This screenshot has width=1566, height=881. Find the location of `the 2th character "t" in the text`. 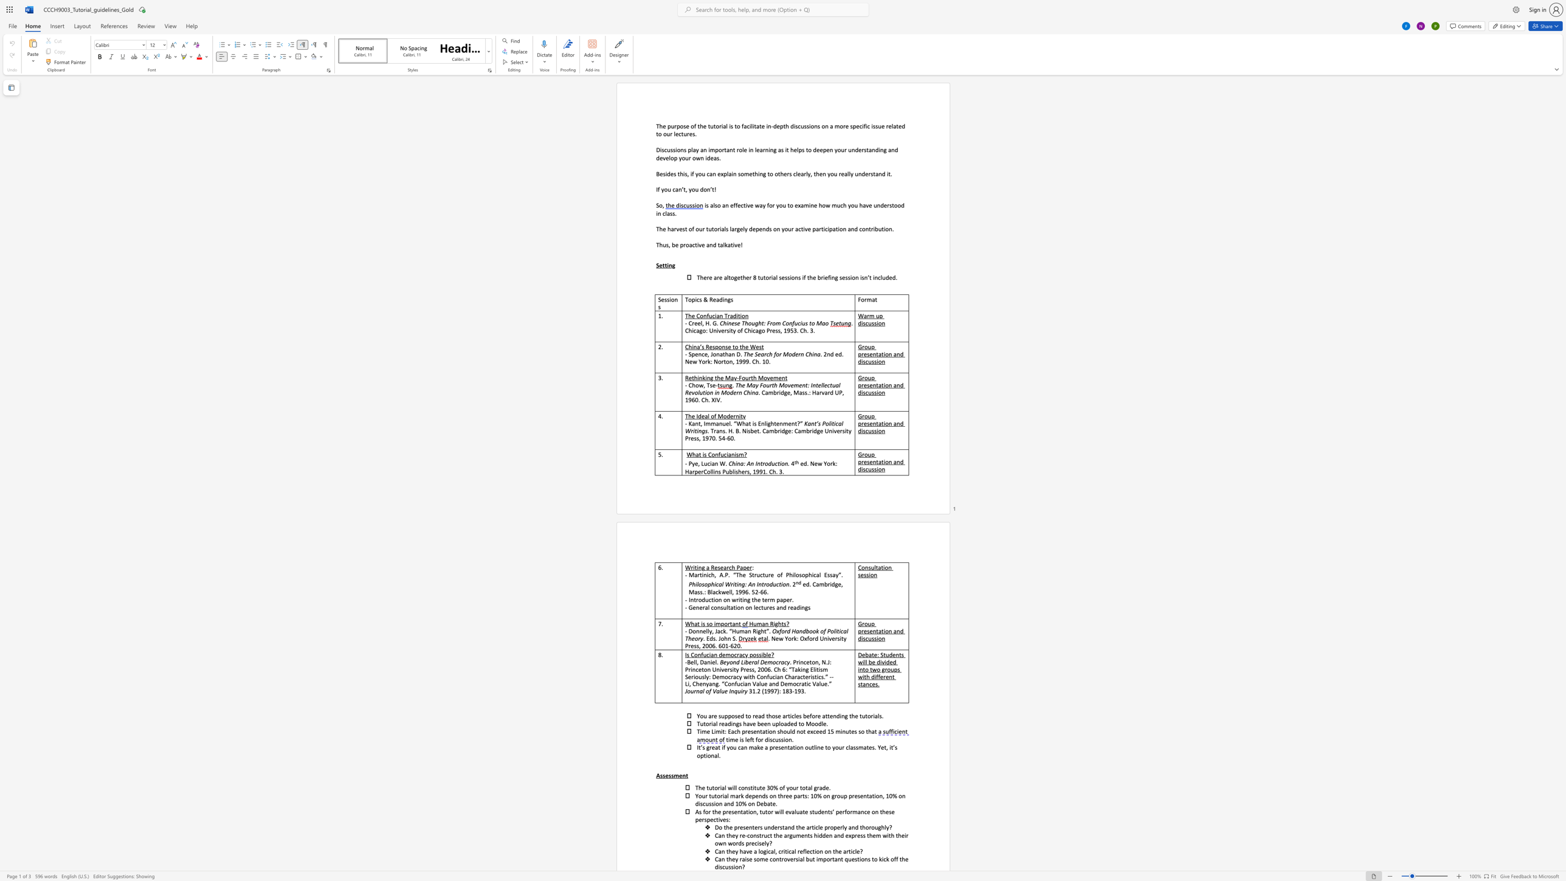

the 2th character "t" in the text is located at coordinates (734, 149).